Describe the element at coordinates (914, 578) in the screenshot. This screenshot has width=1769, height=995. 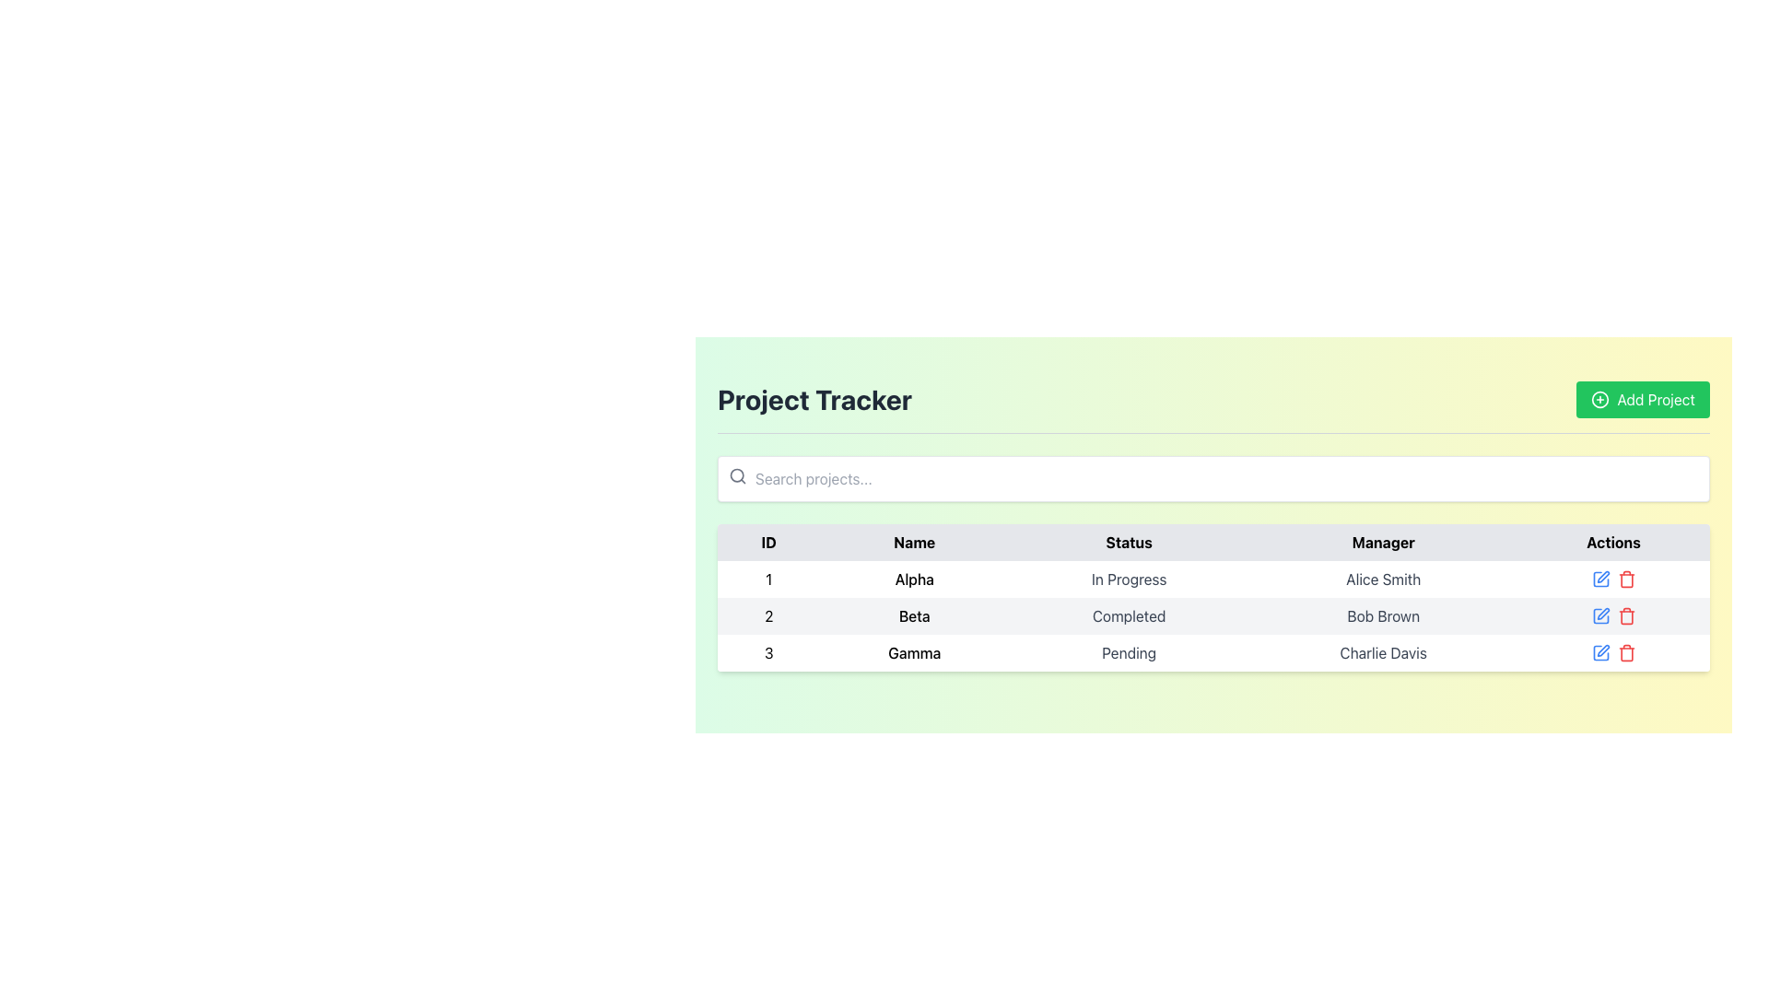
I see `the 'Alpha' text label element, which is bold and centered in the second column under the 'Name' heading of the grid` at that location.